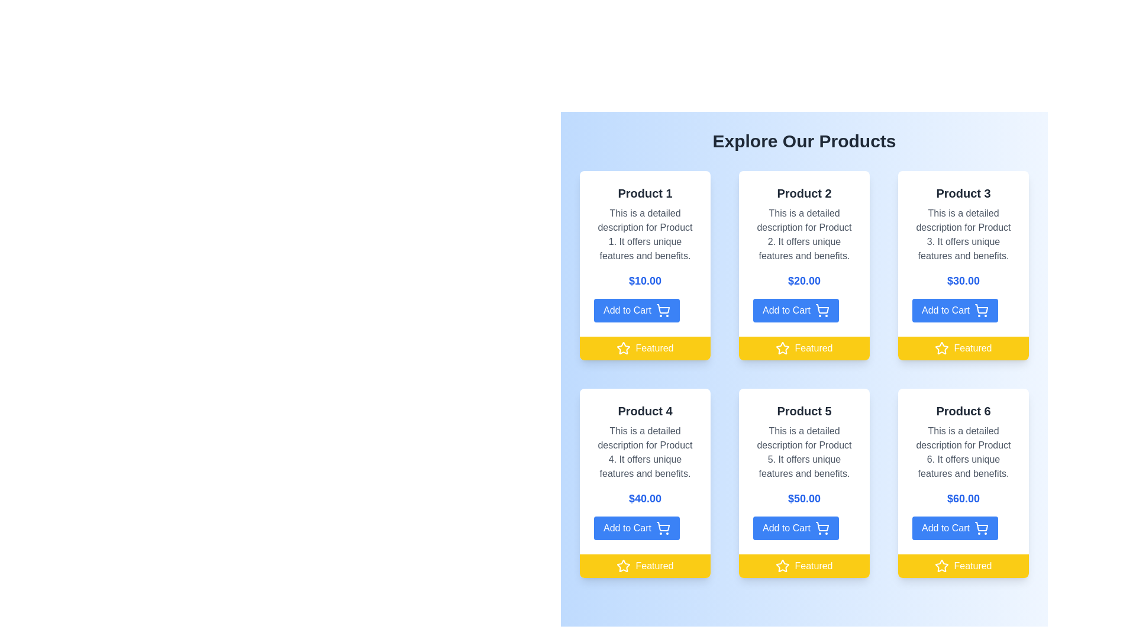 Image resolution: width=1136 pixels, height=639 pixels. Describe the element at coordinates (963, 235) in the screenshot. I see `the descriptive text for 'Product 3', which is located below the title and above the price label` at that location.